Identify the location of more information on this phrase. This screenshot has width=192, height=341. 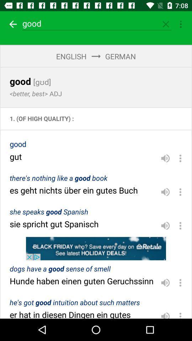
(180, 313).